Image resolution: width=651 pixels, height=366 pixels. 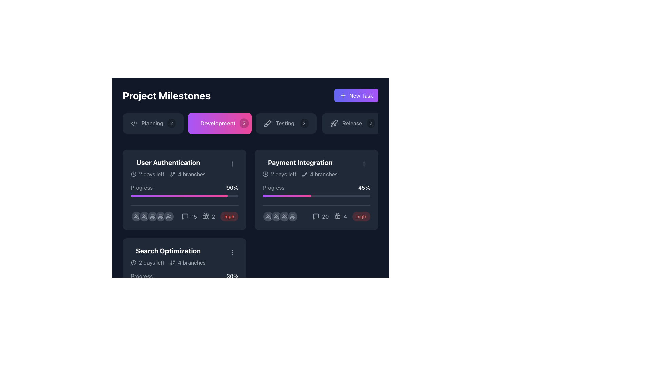 What do you see at coordinates (284, 217) in the screenshot?
I see `the fourth circular icon button with user silhouettes located below the 'Payment Integration' section` at bounding box center [284, 217].